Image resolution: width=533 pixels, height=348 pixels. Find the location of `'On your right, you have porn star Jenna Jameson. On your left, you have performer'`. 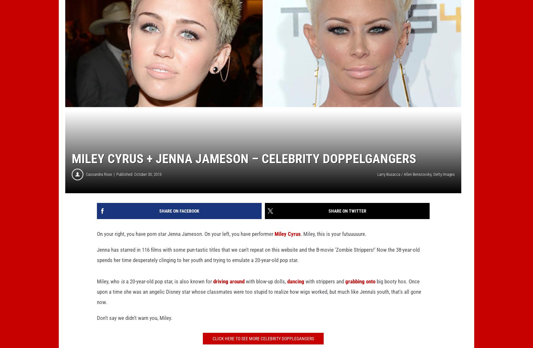

'On your right, you have porn star Jenna Jameson. On your left, you have performer' is located at coordinates (185, 244).